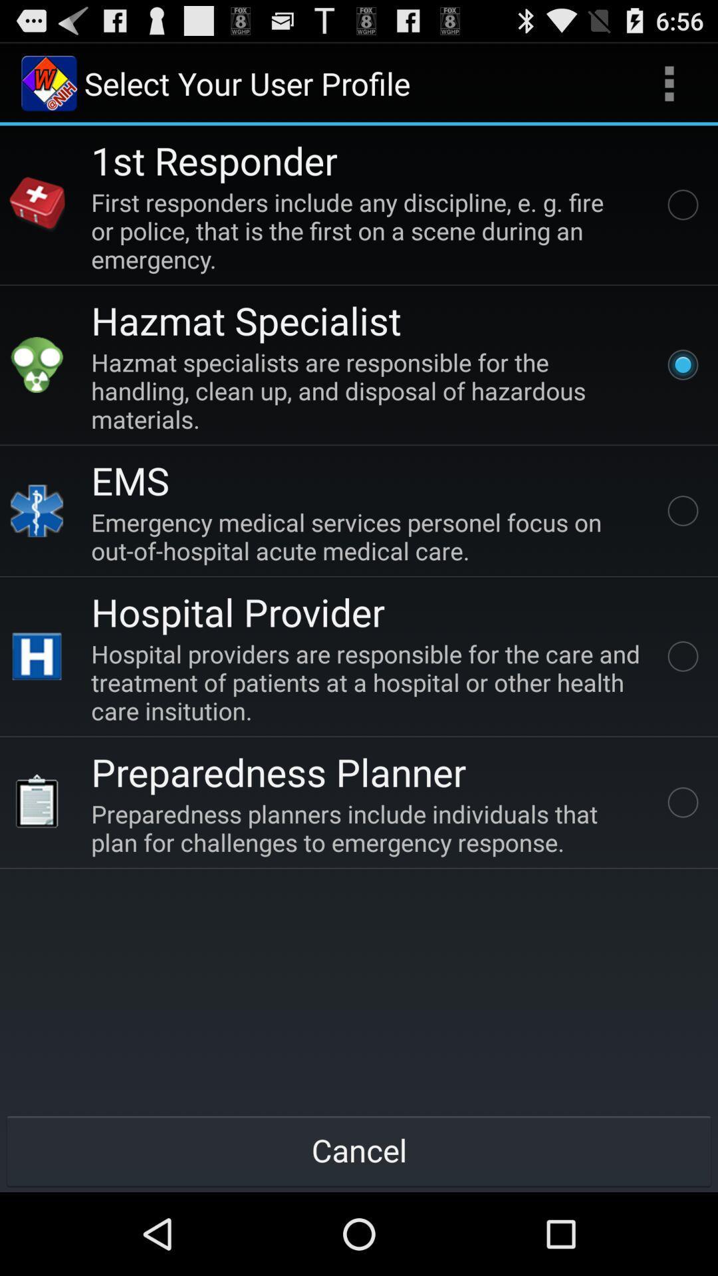  Describe the element at coordinates (368, 827) in the screenshot. I see `the preparedness planners include` at that location.